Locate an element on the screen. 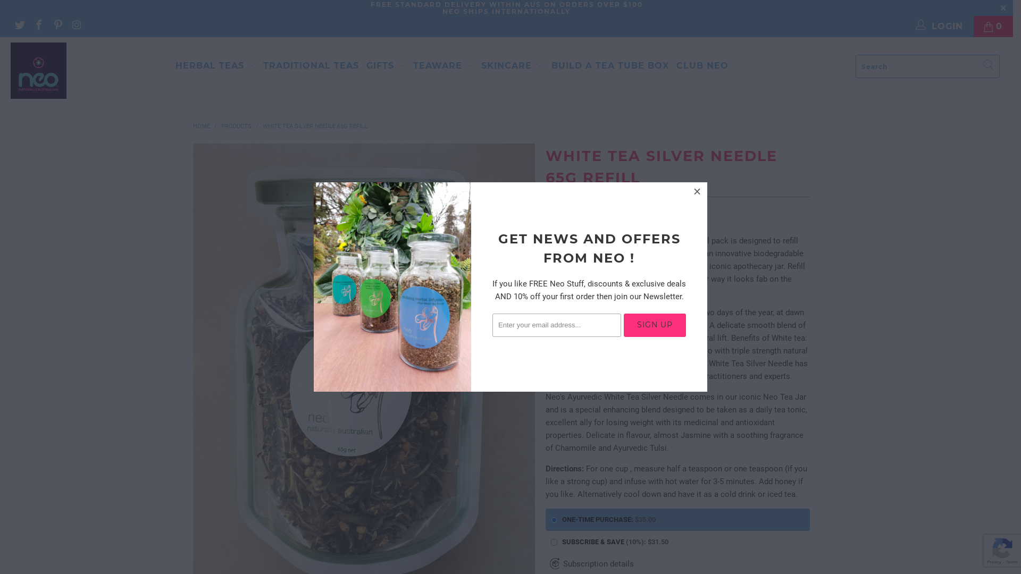 This screenshot has height=574, width=1021. 'TEAWARE' is located at coordinates (443, 65).